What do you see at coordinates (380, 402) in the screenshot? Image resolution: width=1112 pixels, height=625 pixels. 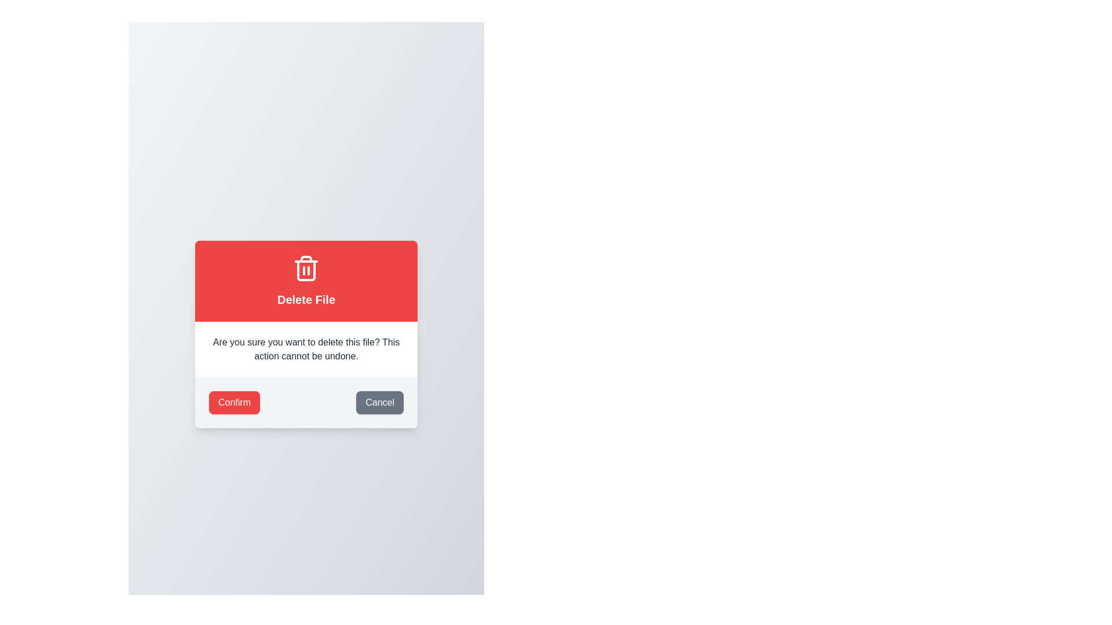 I see `the 'Cancel' button, which is a gray rectangular button with white text, located on the right side of a confirmation dialog box` at bounding box center [380, 402].